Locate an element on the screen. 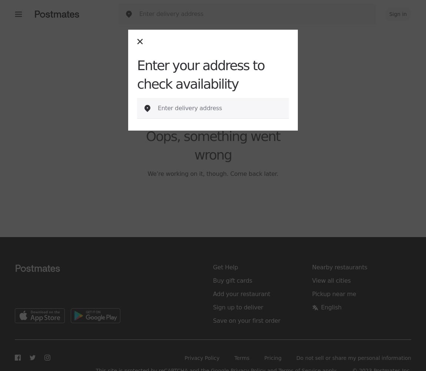  'We’re working on it, though. Come back later.' is located at coordinates (213, 173).